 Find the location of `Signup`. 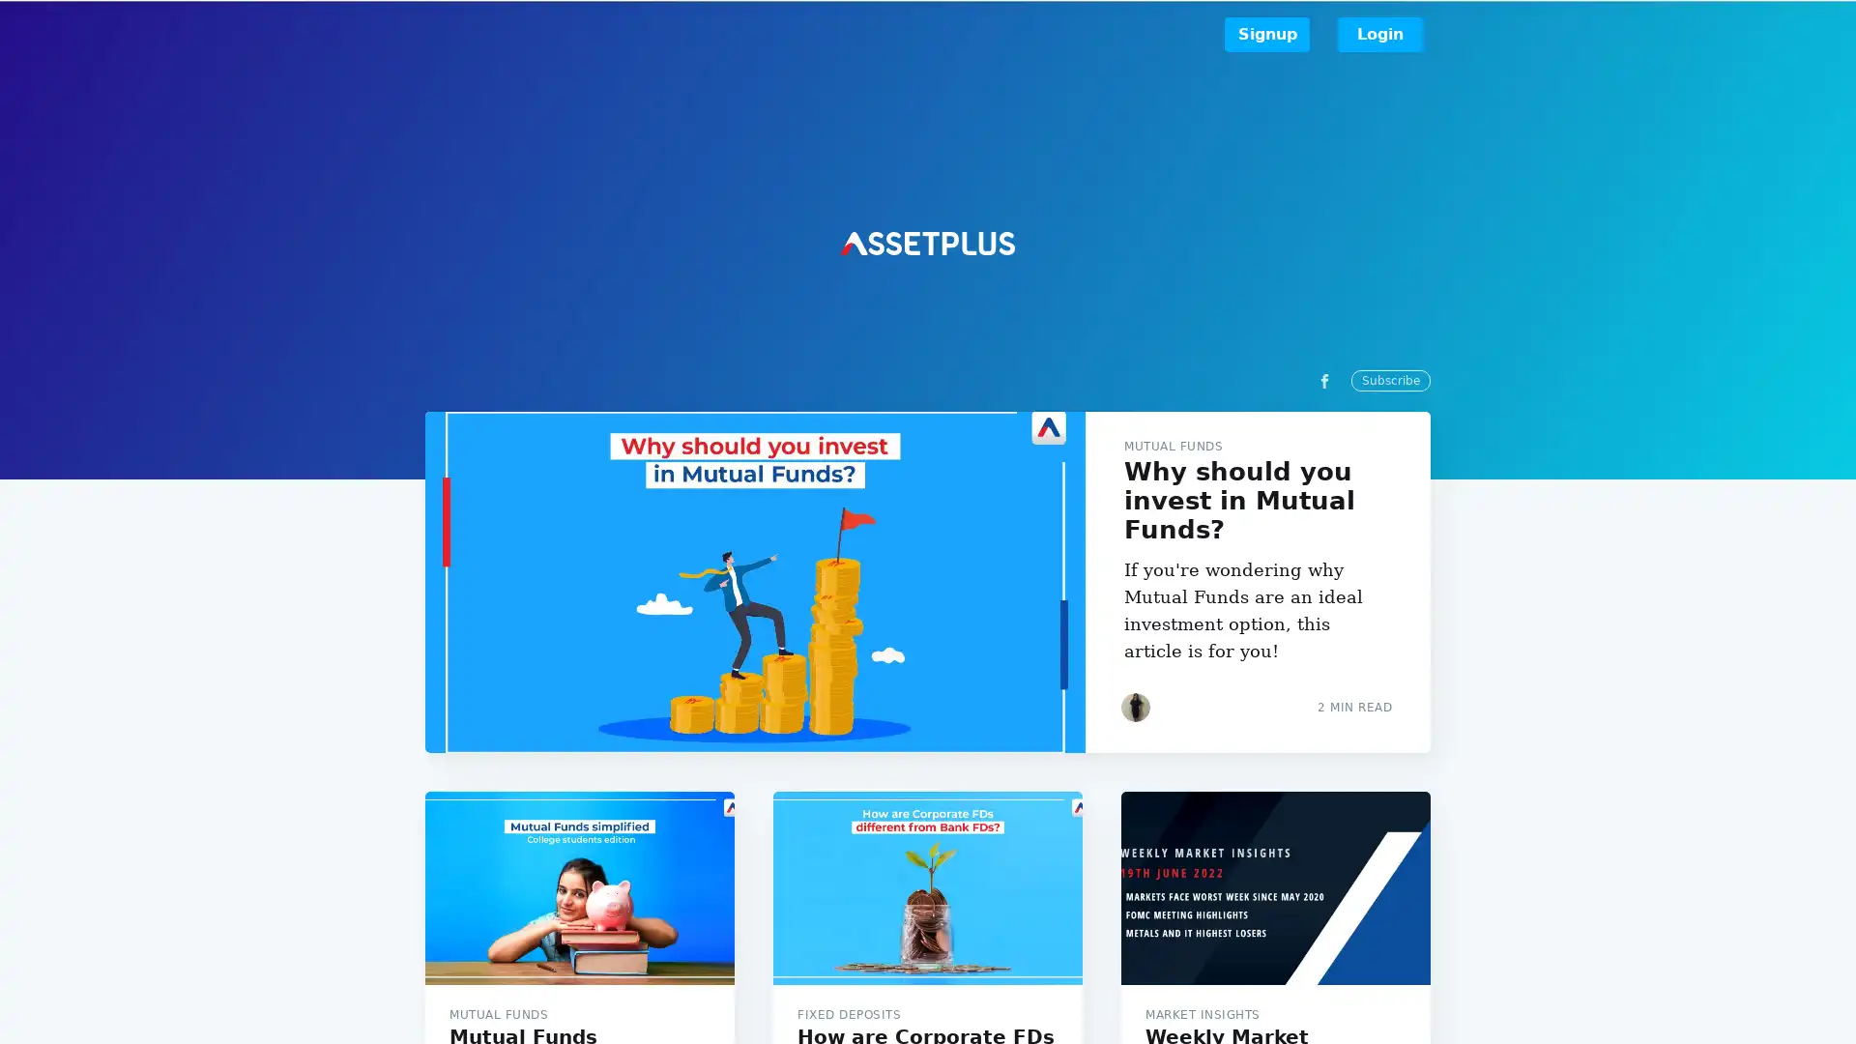

Signup is located at coordinates (1266, 34).